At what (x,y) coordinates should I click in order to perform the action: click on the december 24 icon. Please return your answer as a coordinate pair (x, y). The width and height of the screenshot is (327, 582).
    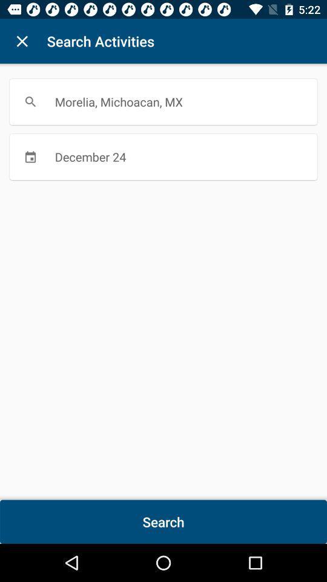
    Looking at the image, I should click on (163, 156).